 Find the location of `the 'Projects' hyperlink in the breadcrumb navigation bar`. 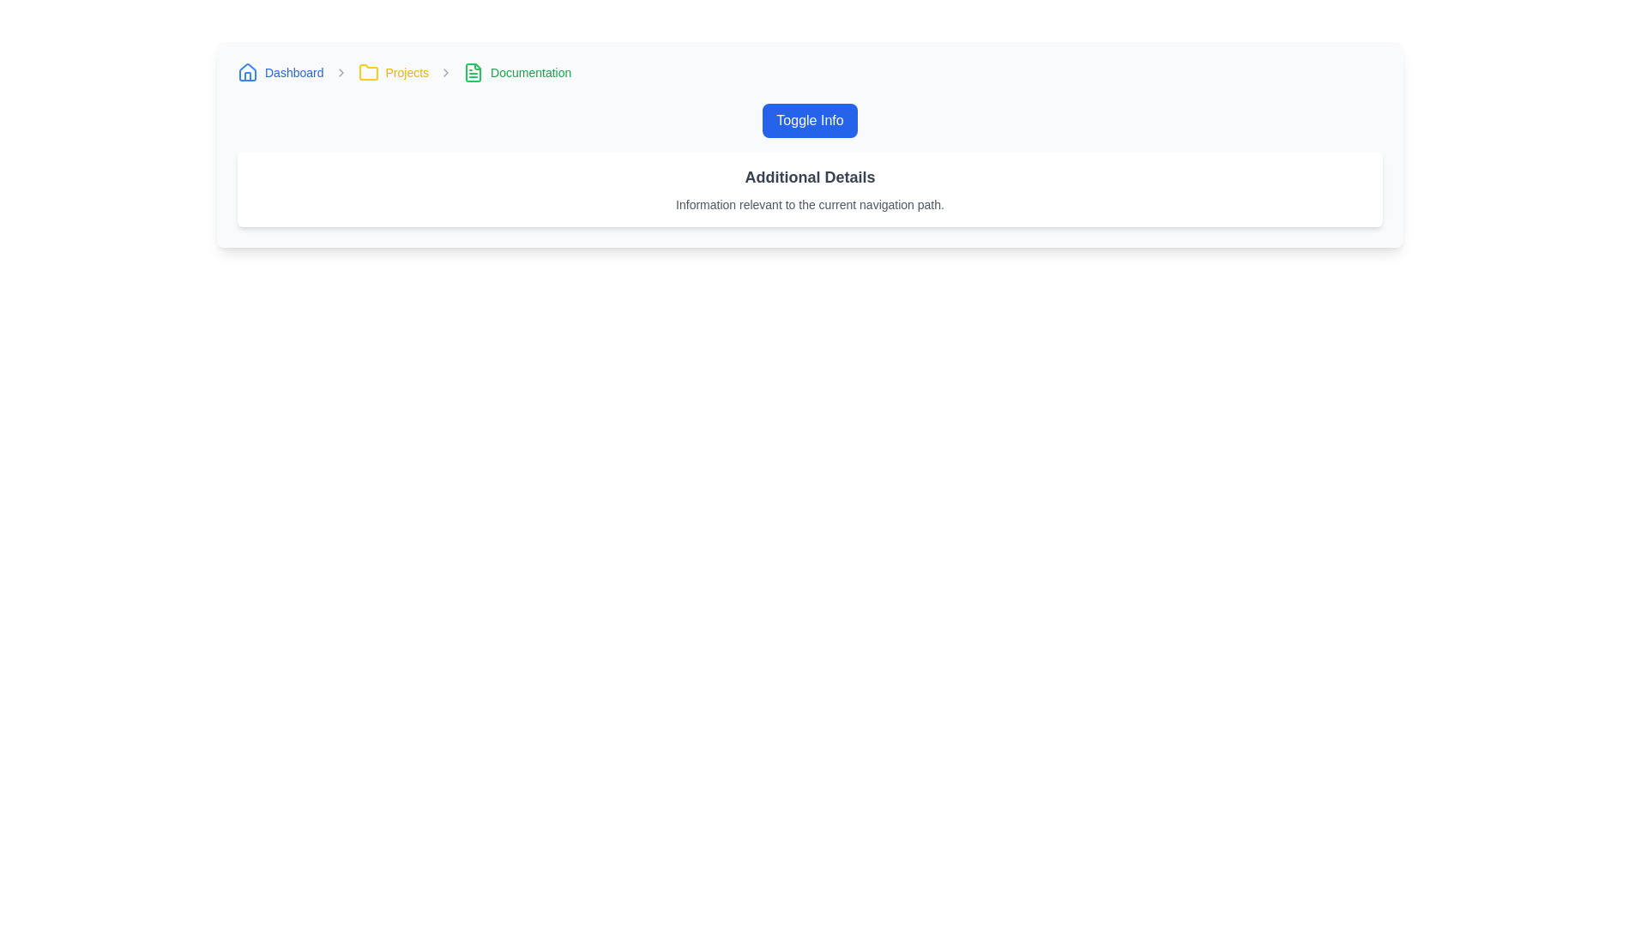

the 'Projects' hyperlink in the breadcrumb navigation bar is located at coordinates (406, 71).